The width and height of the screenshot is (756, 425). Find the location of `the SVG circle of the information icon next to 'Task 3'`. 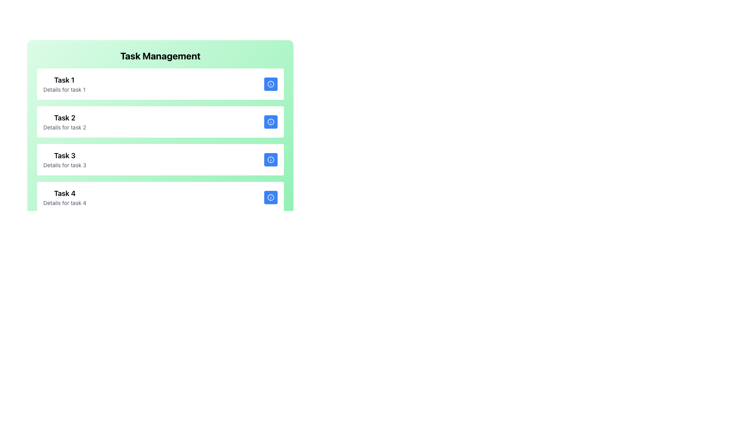

the SVG circle of the information icon next to 'Task 3' is located at coordinates (271, 159).